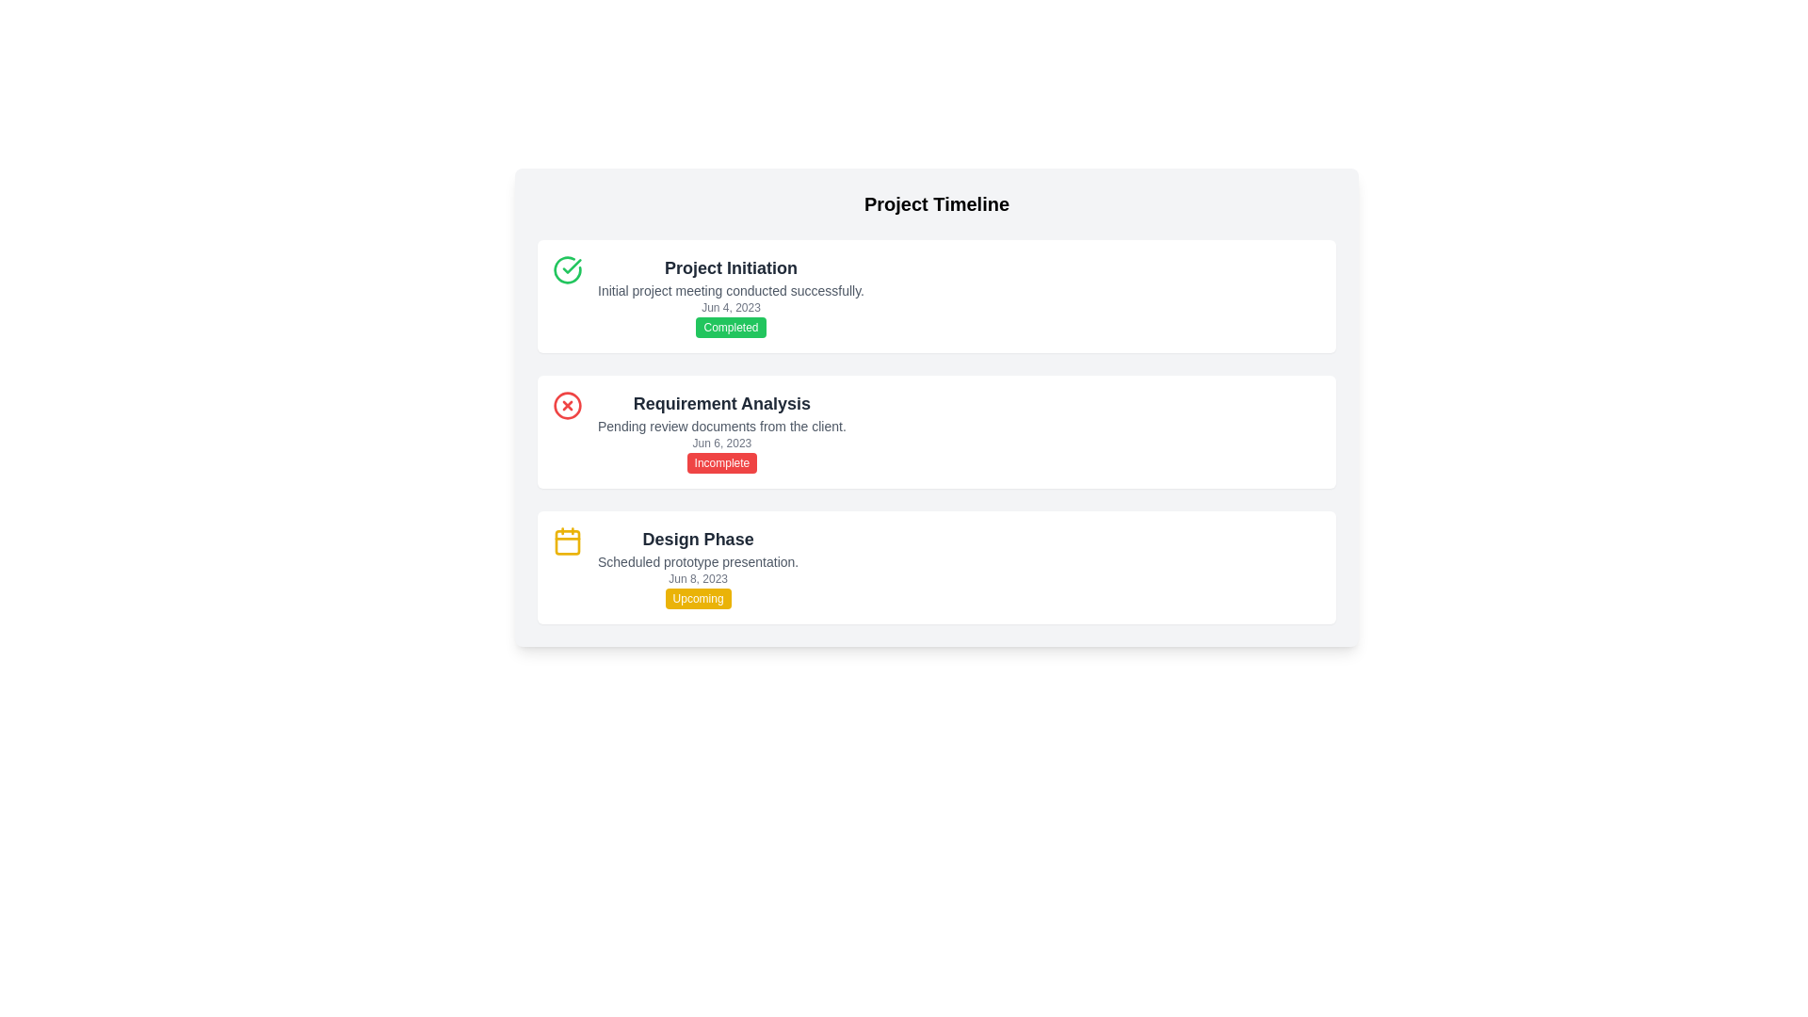 The image size is (1808, 1017). I want to click on the 'Design Phase' timeline entry badge, so click(936, 566).